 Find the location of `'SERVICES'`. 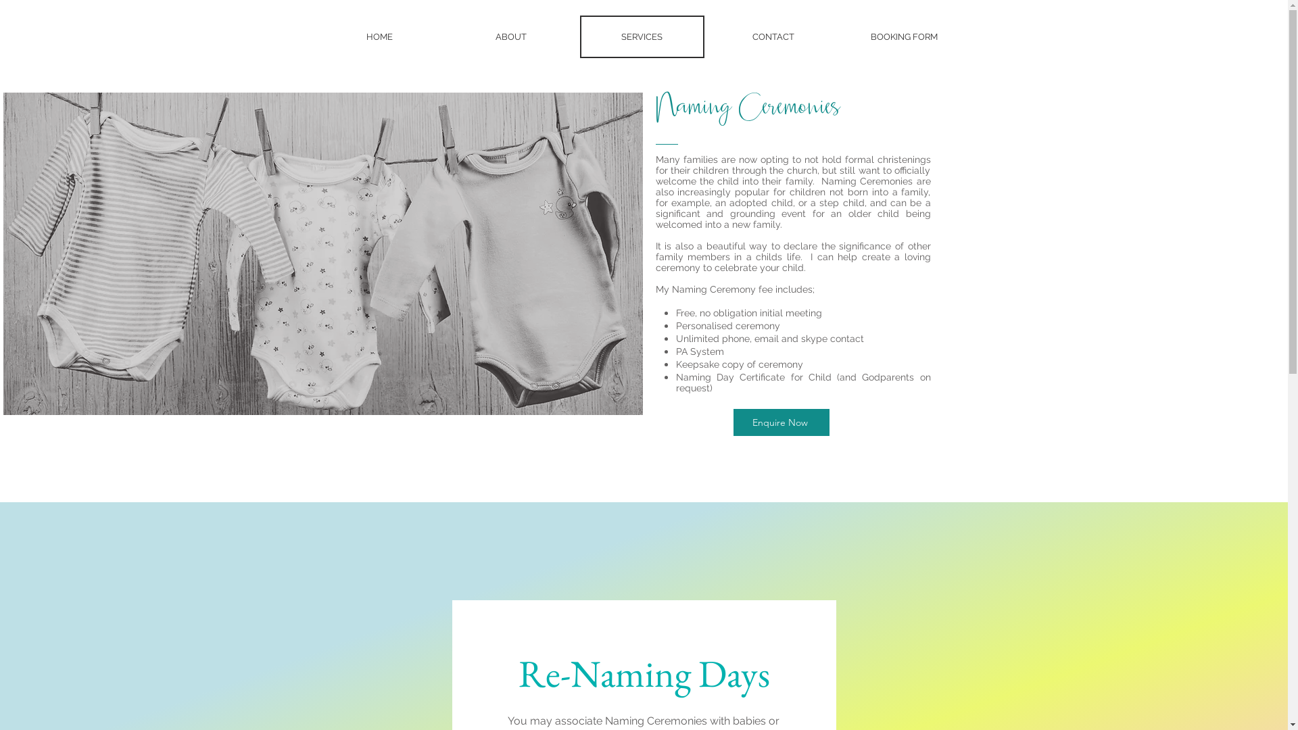

'SERVICES' is located at coordinates (642, 36).